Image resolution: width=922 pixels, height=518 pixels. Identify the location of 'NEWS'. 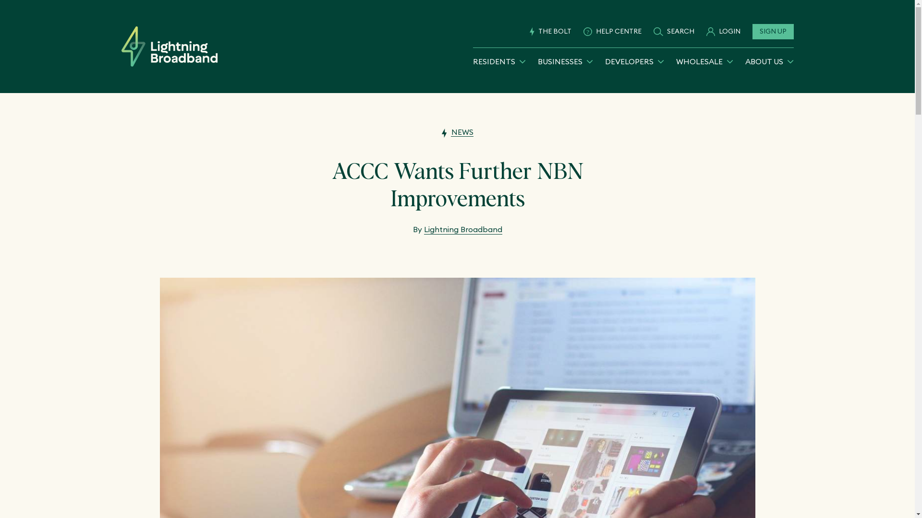
(457, 131).